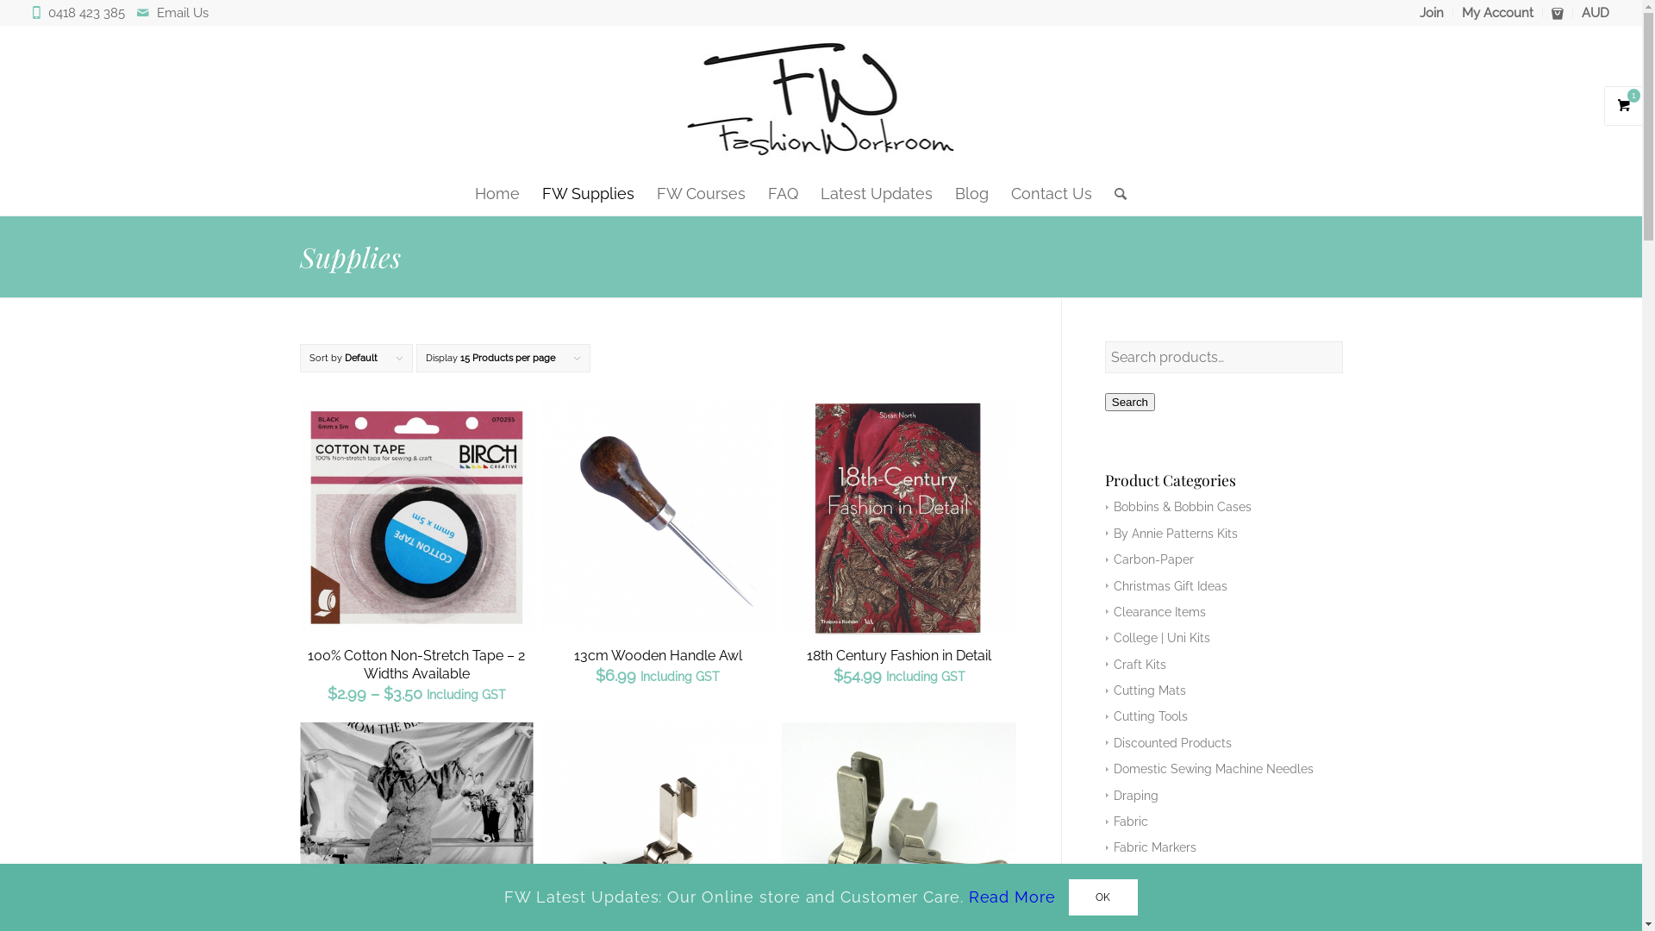 The width and height of the screenshot is (1655, 931). I want to click on 'Search', so click(1129, 402).